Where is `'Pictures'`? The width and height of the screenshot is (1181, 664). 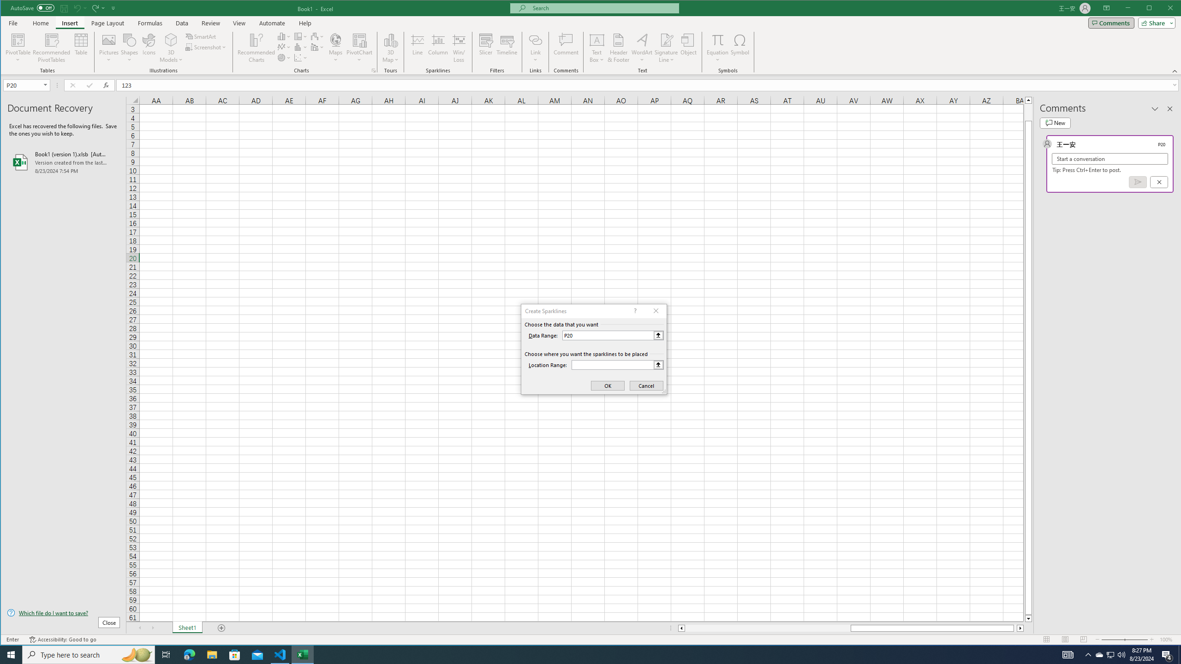 'Pictures' is located at coordinates (109, 47).